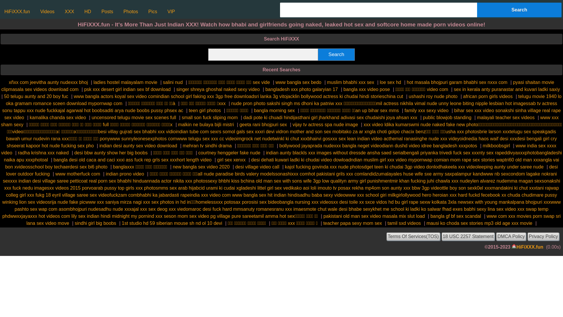  Describe the element at coordinates (138, 145) in the screenshot. I see `'indian desi aunty sex video download'` at that location.